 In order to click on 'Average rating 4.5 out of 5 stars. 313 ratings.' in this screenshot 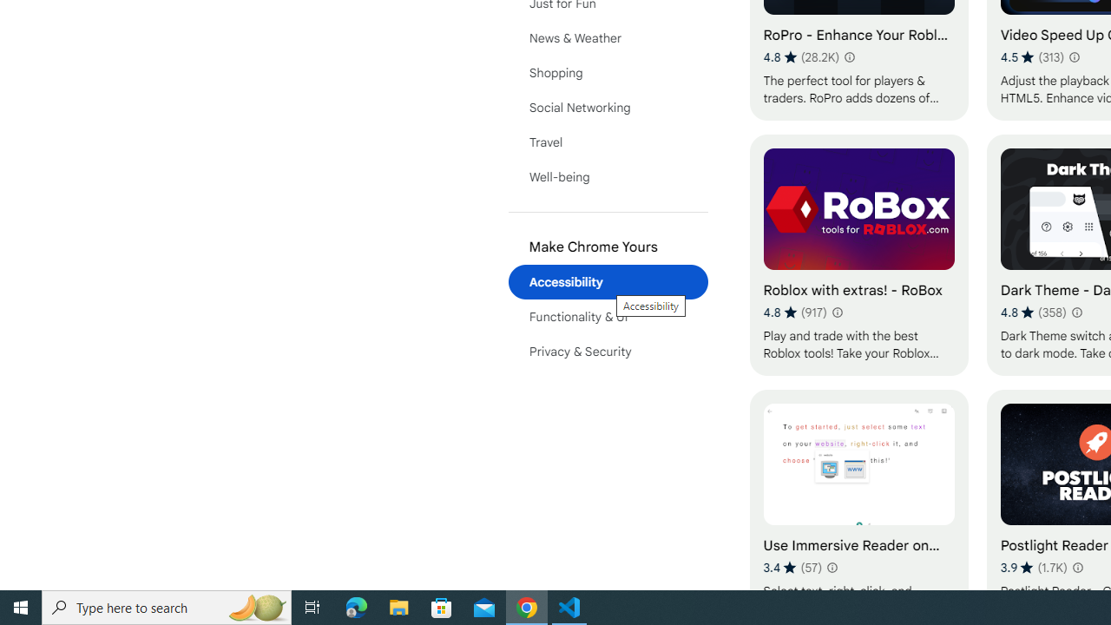, I will do `click(1032, 56)`.